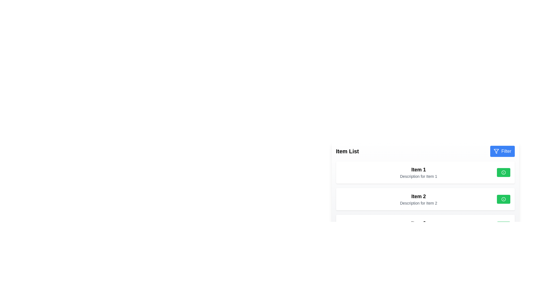  What do you see at coordinates (418, 172) in the screenshot?
I see `the first list item displaying its title and description` at bounding box center [418, 172].